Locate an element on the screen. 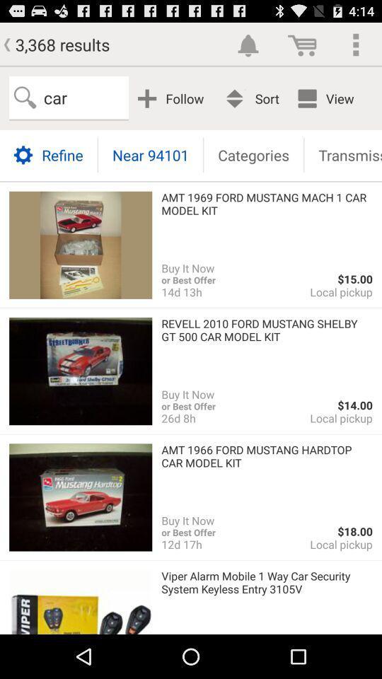  the item above amt 1969 ford icon is located at coordinates (253, 154).